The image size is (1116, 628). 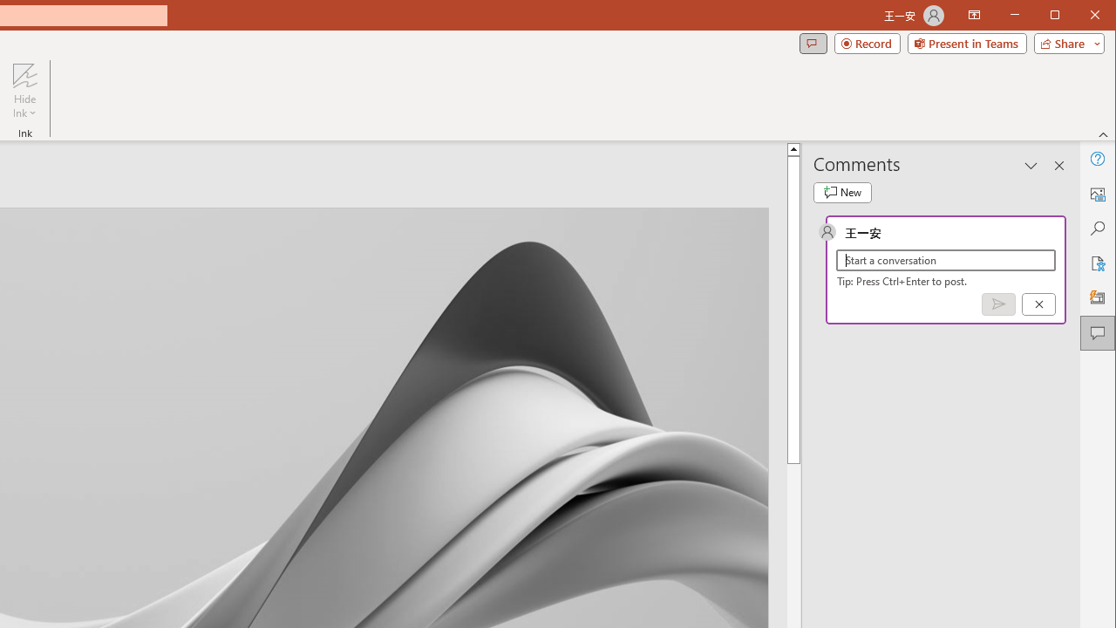 What do you see at coordinates (998, 304) in the screenshot?
I see `'Post comment (Ctrl + Enter)'` at bounding box center [998, 304].